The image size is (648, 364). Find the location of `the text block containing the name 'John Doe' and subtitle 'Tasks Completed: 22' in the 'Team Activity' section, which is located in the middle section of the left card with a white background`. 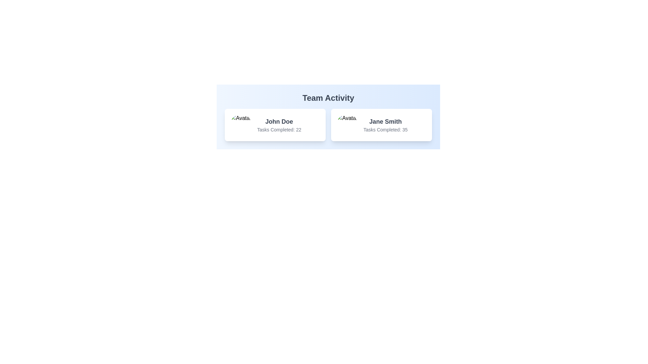

the text block containing the name 'John Doe' and subtitle 'Tasks Completed: 22' in the 'Team Activity' section, which is located in the middle section of the left card with a white background is located at coordinates (279, 125).